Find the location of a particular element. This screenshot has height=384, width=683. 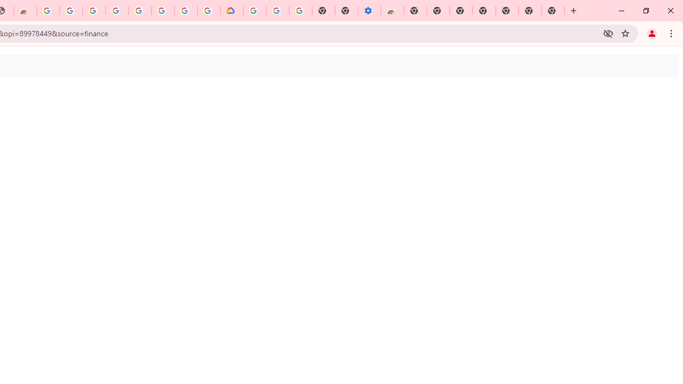

'New Tab' is located at coordinates (553, 11).